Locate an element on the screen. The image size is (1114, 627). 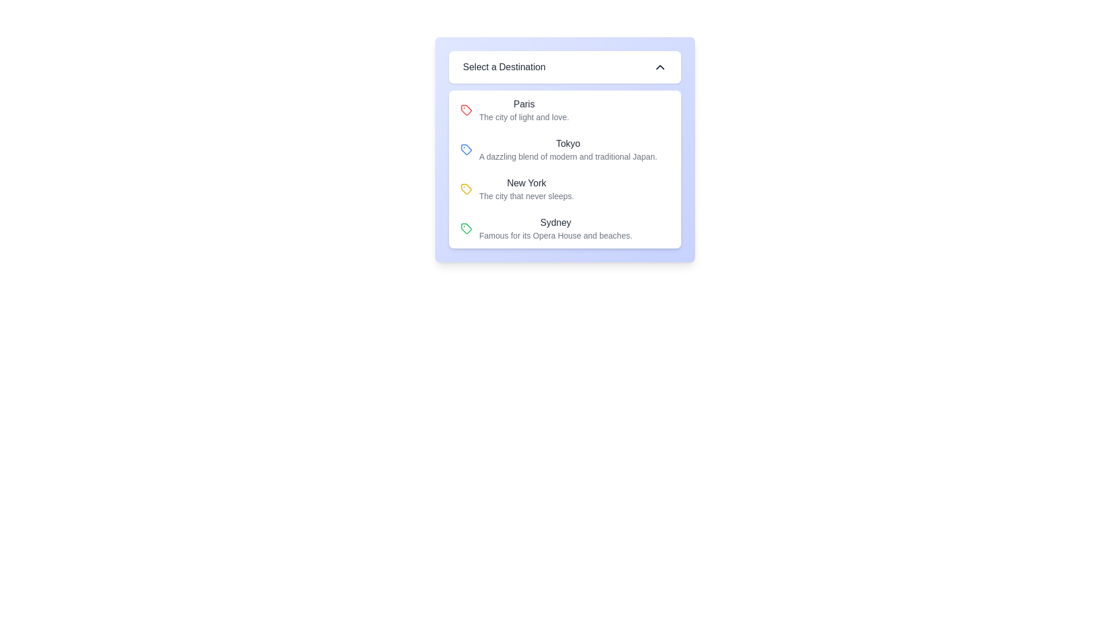
the text label displaying 'Paris' in the dropdown list under 'Select a Destination', which is the first item in the list is located at coordinates (523, 110).